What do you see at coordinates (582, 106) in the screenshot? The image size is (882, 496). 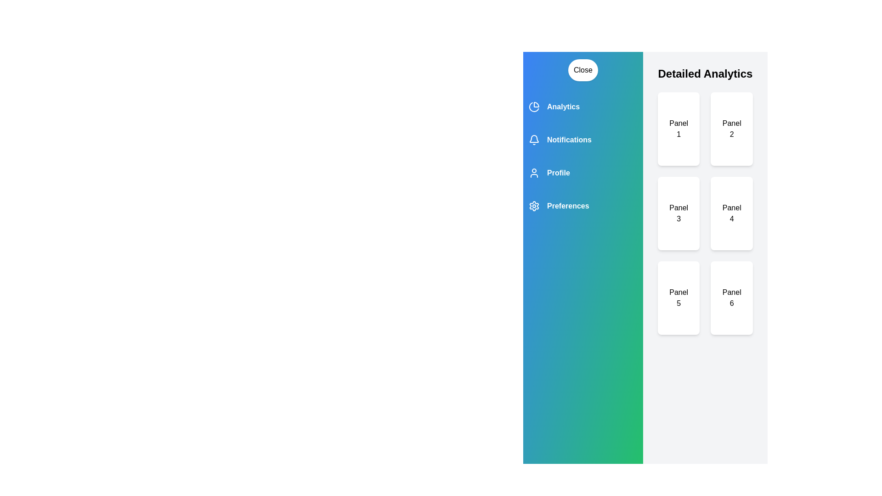 I see `the category Analytics to observe its visual feedback` at bounding box center [582, 106].